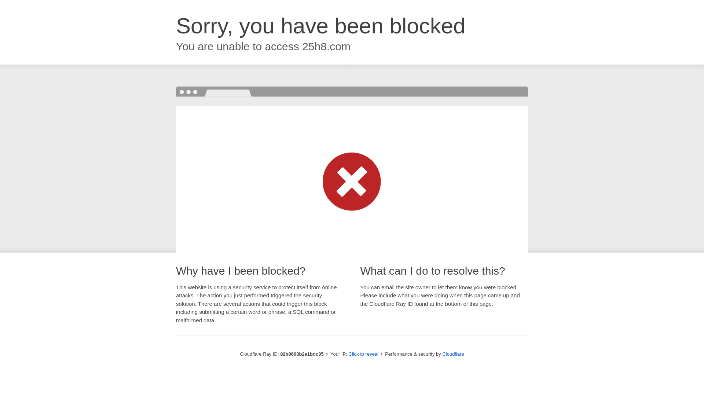 Image resolution: width=704 pixels, height=396 pixels. Describe the element at coordinates (363, 353) in the screenshot. I see `'Click to reveal'` at that location.